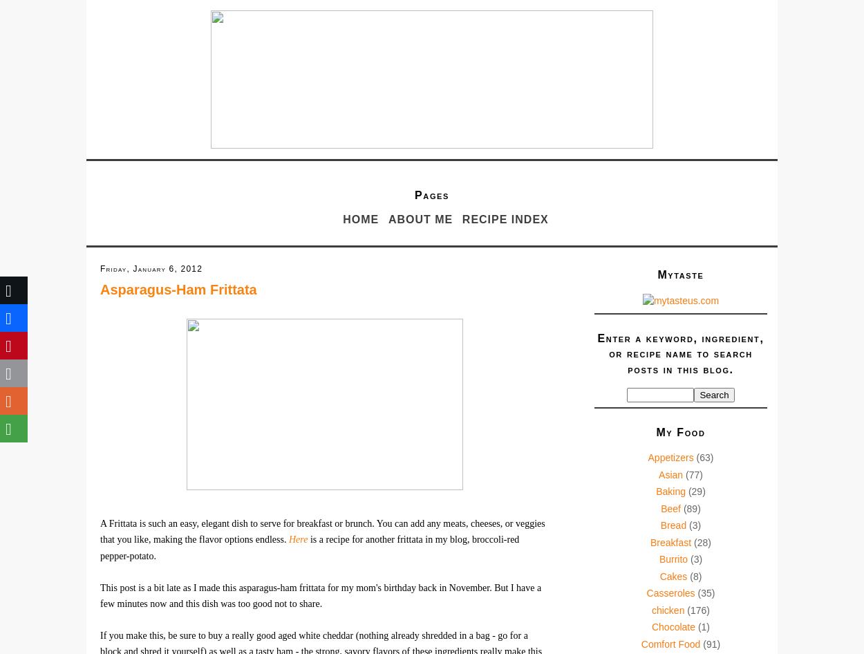 Image resolution: width=864 pixels, height=654 pixels. What do you see at coordinates (178, 288) in the screenshot?
I see `'Asparagus-Ham Frittata'` at bounding box center [178, 288].